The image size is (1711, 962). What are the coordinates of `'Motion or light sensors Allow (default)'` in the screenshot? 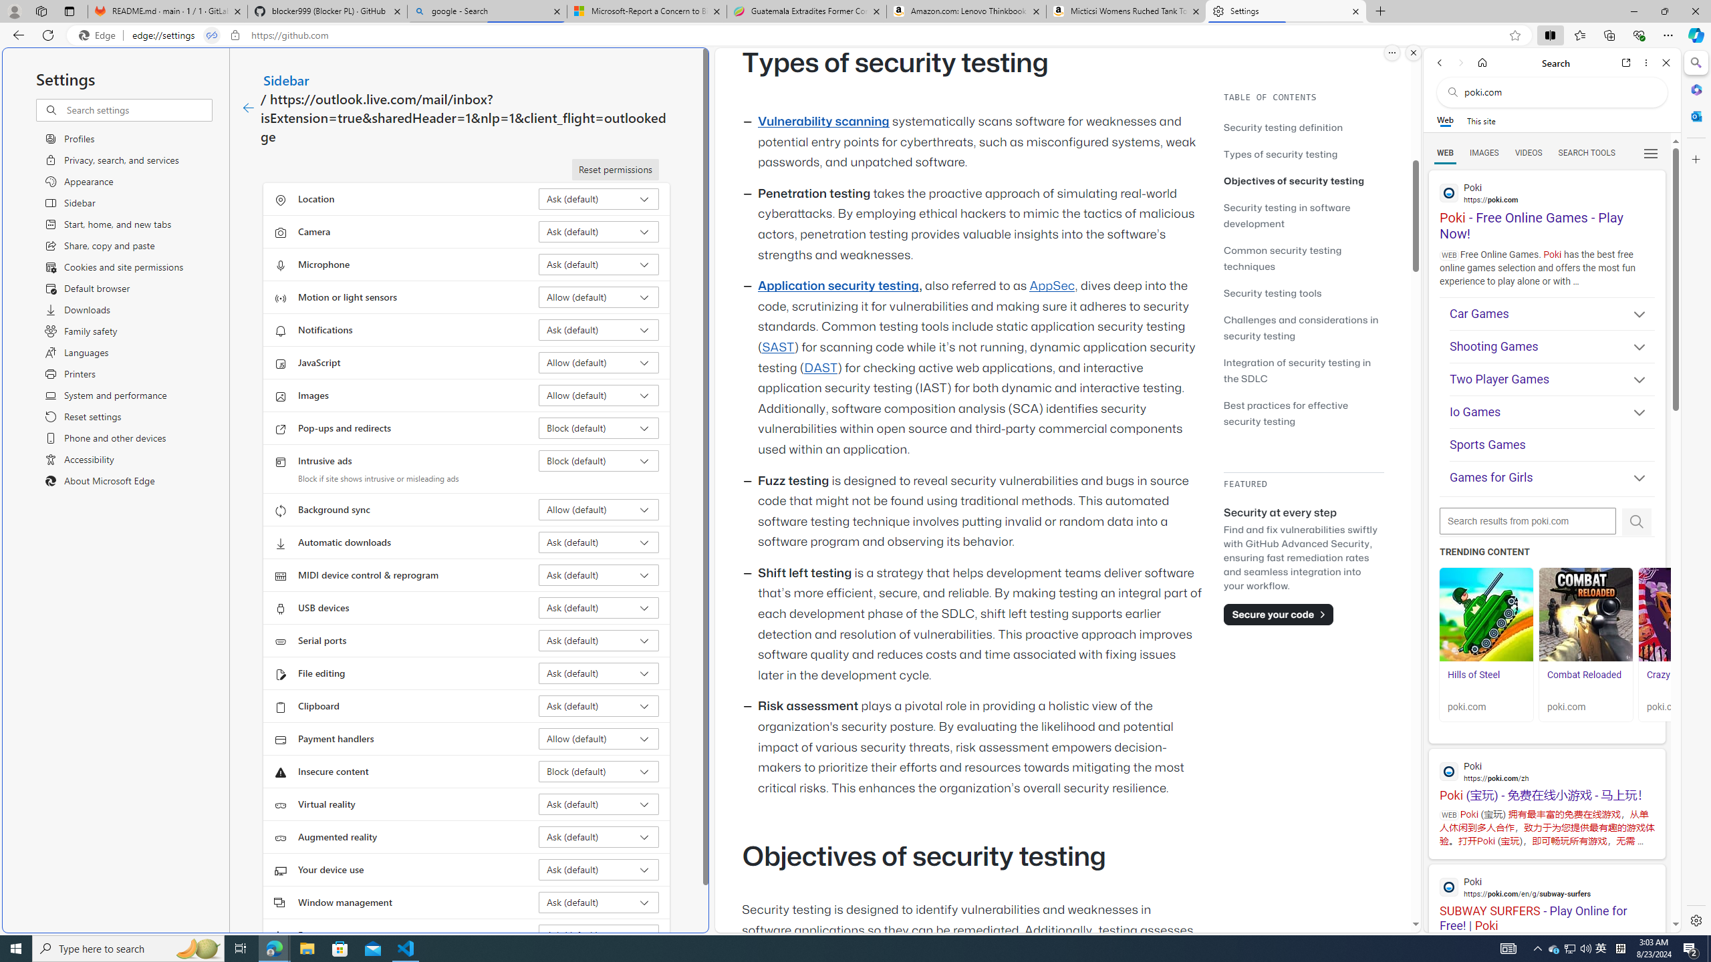 It's located at (599, 297).